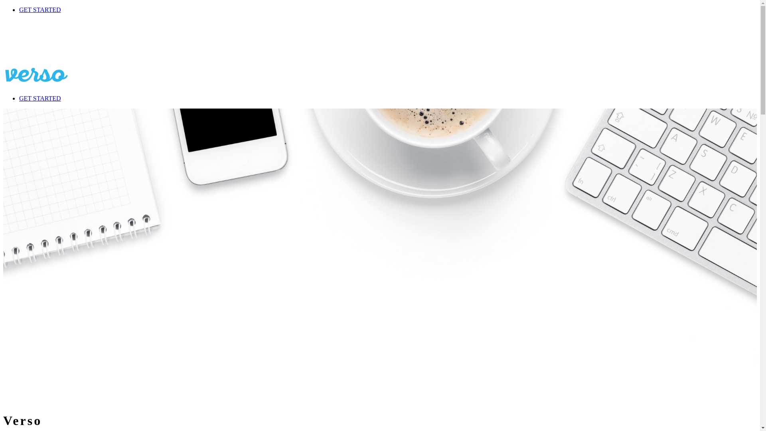 Image resolution: width=766 pixels, height=431 pixels. Describe the element at coordinates (39, 10) in the screenshot. I see `'GET STARTED'` at that location.